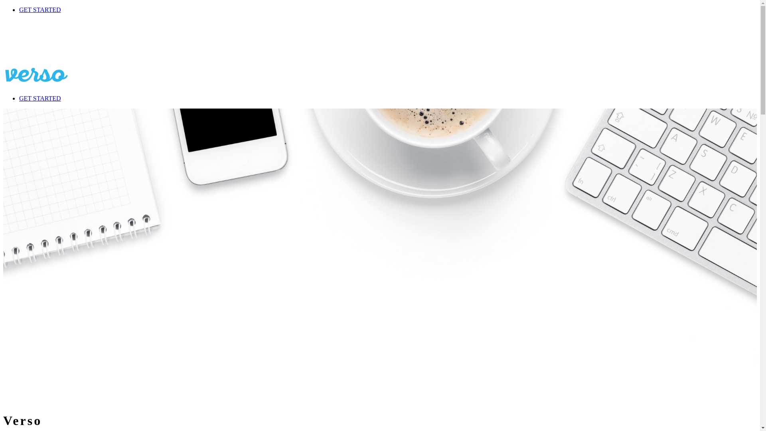 Image resolution: width=766 pixels, height=431 pixels. Describe the element at coordinates (39, 10) in the screenshot. I see `'GET STARTED'` at that location.